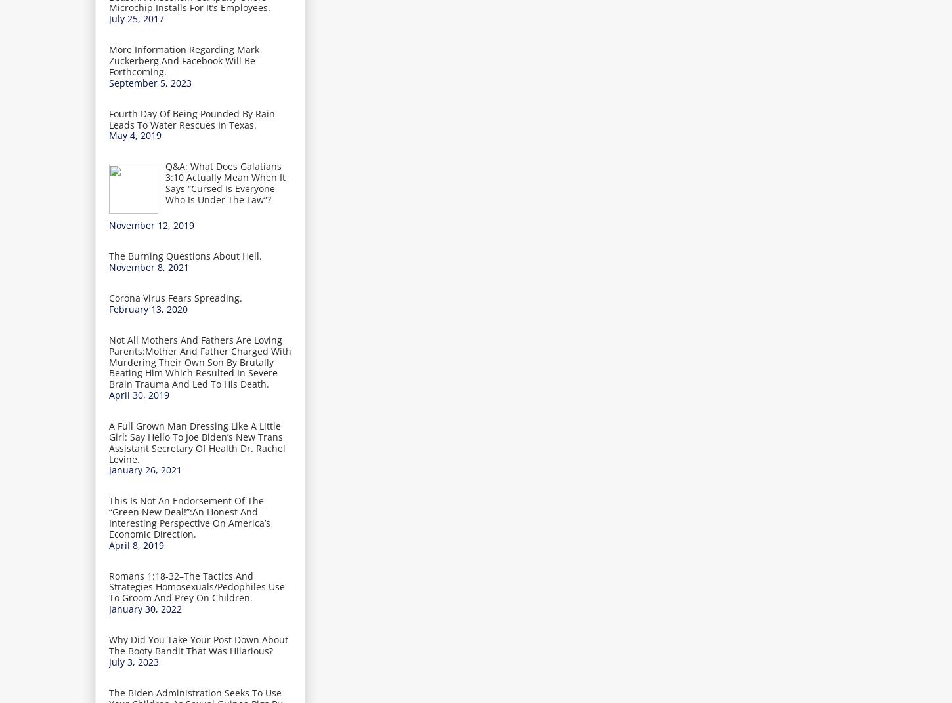  Describe the element at coordinates (225, 182) in the screenshot. I see `'Q&A: What Does Galatians 3:10 Actually Mean When It Says “Cursed Is Everyone Who Is Under The Law”?'` at that location.